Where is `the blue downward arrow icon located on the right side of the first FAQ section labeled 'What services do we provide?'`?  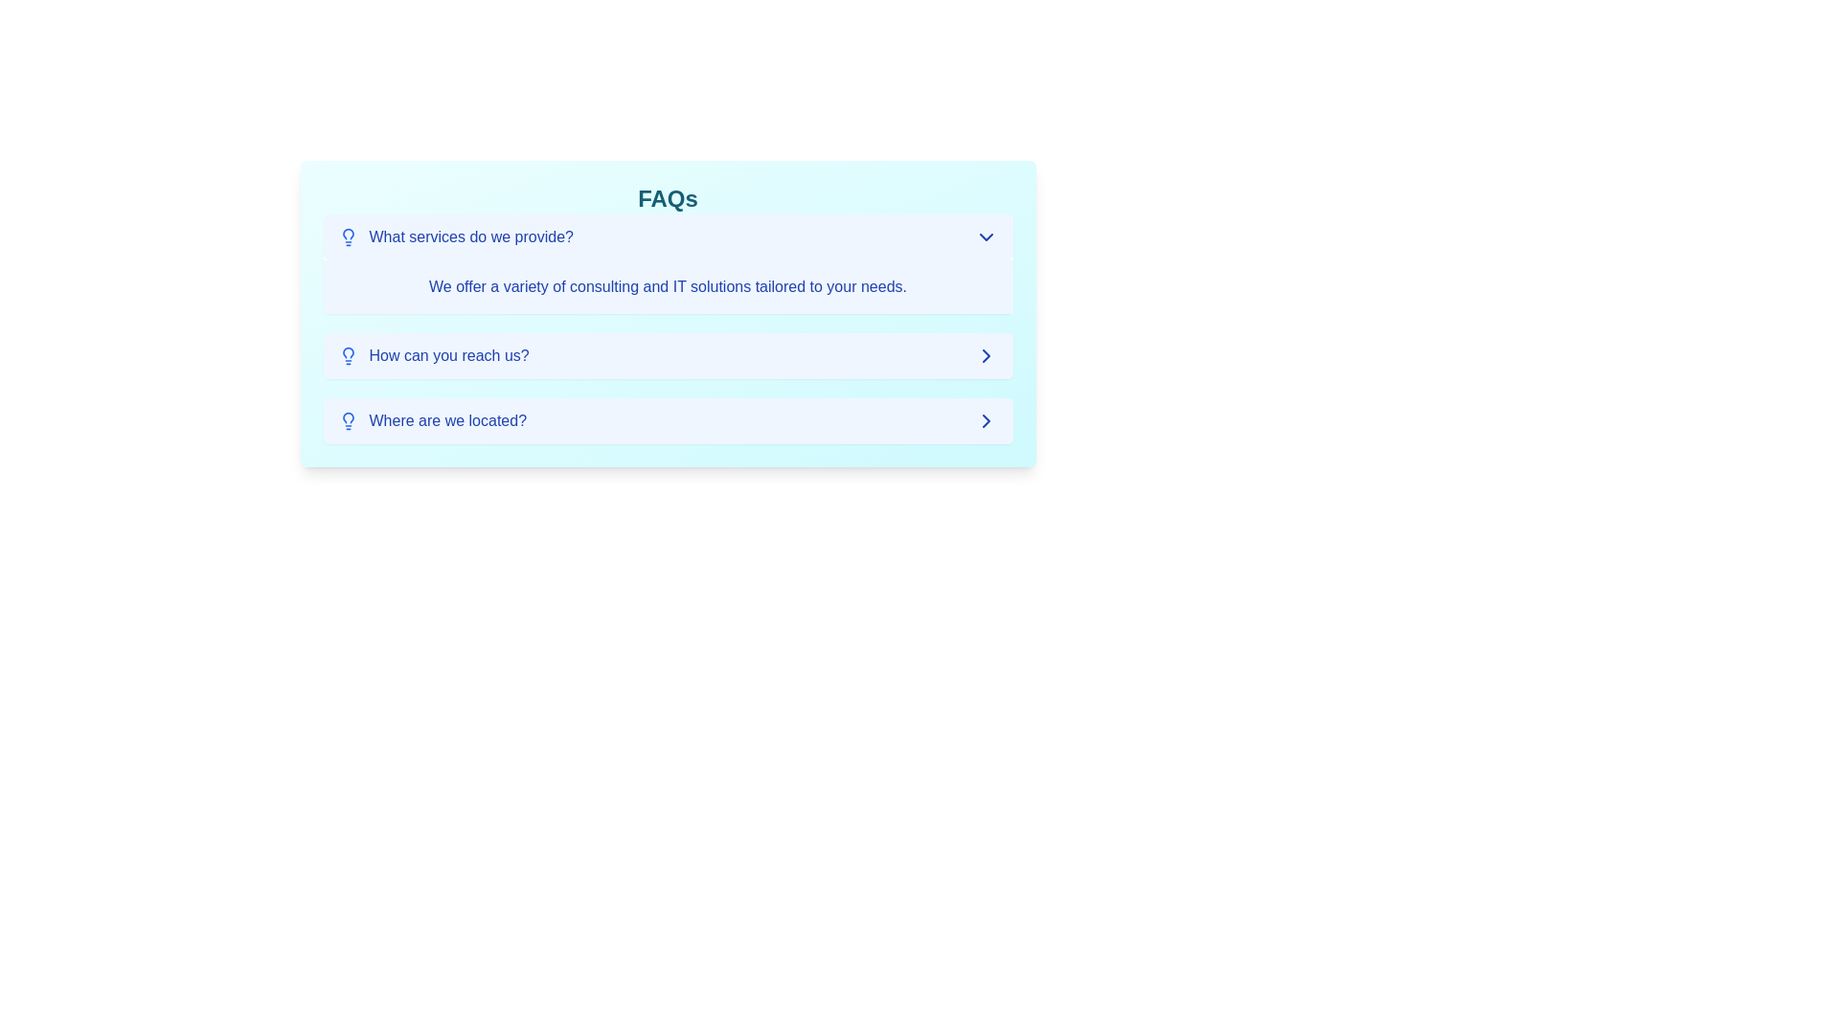 the blue downward arrow icon located on the right side of the first FAQ section labeled 'What services do we provide?' is located at coordinates (986, 236).